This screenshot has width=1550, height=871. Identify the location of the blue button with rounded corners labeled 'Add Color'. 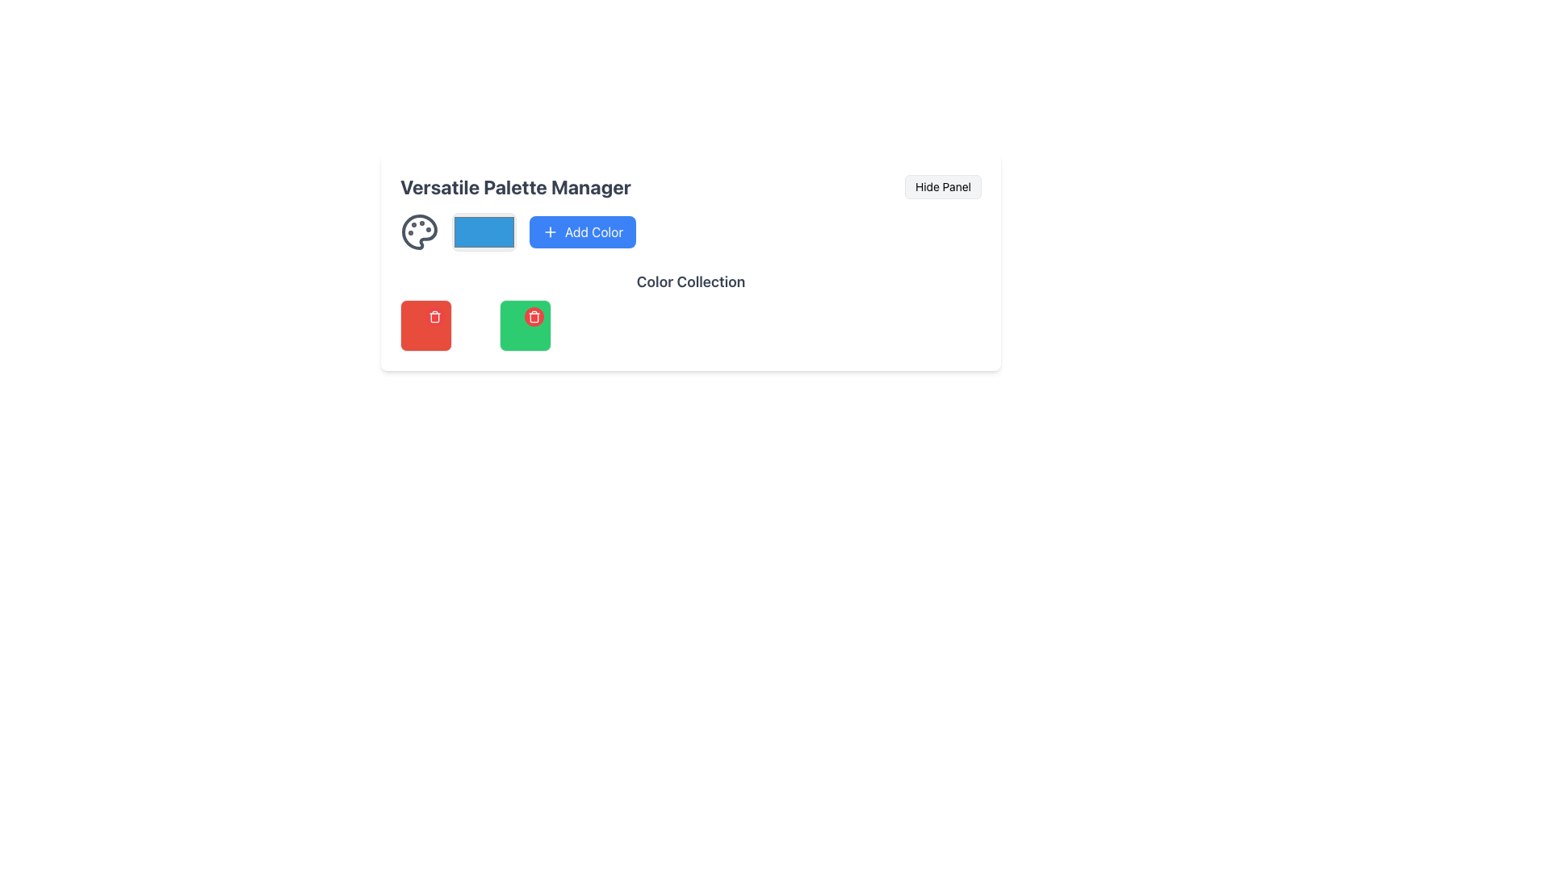
(581, 232).